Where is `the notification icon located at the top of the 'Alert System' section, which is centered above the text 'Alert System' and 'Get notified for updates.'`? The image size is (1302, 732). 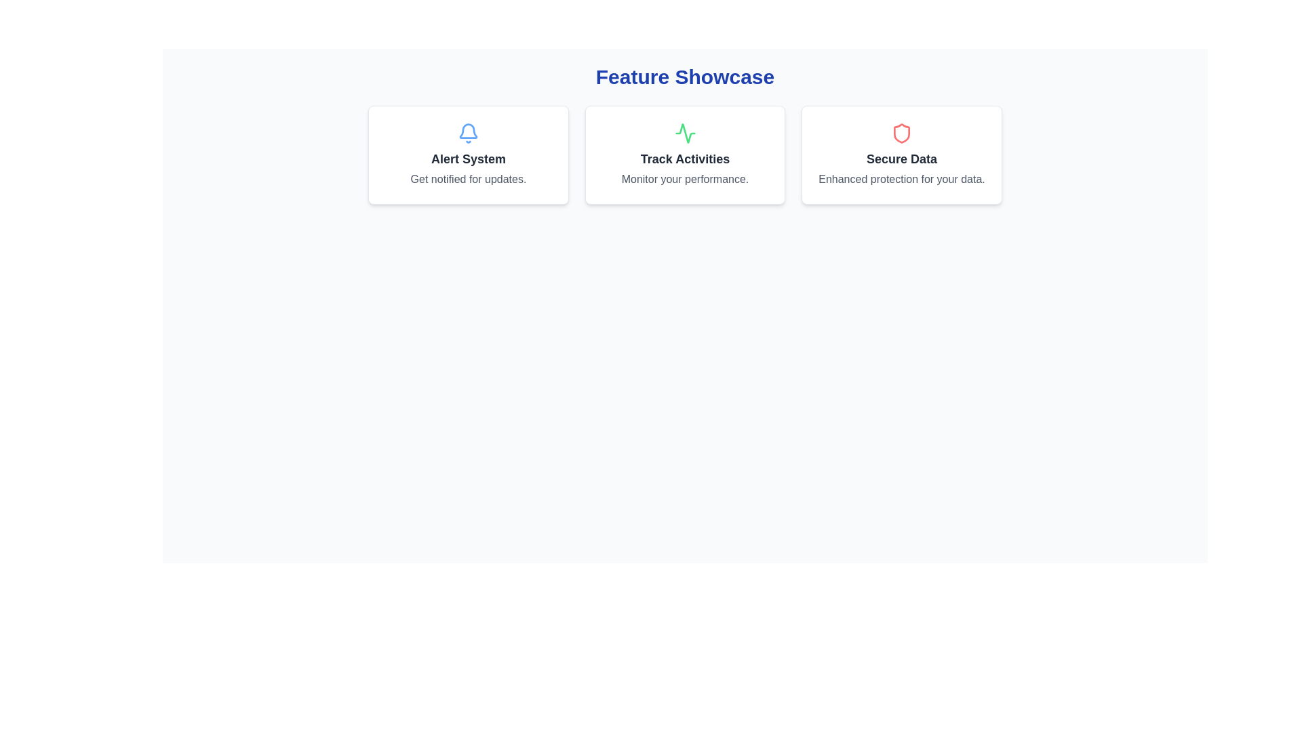
the notification icon located at the top of the 'Alert System' section, which is centered above the text 'Alert System' and 'Get notified for updates.' is located at coordinates (469, 133).